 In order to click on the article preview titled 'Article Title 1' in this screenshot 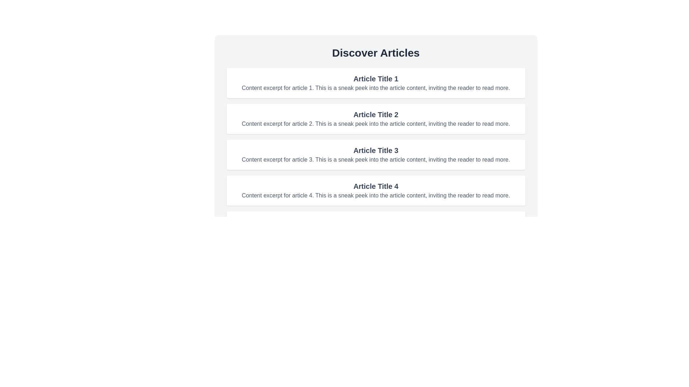, I will do `click(375, 82)`.